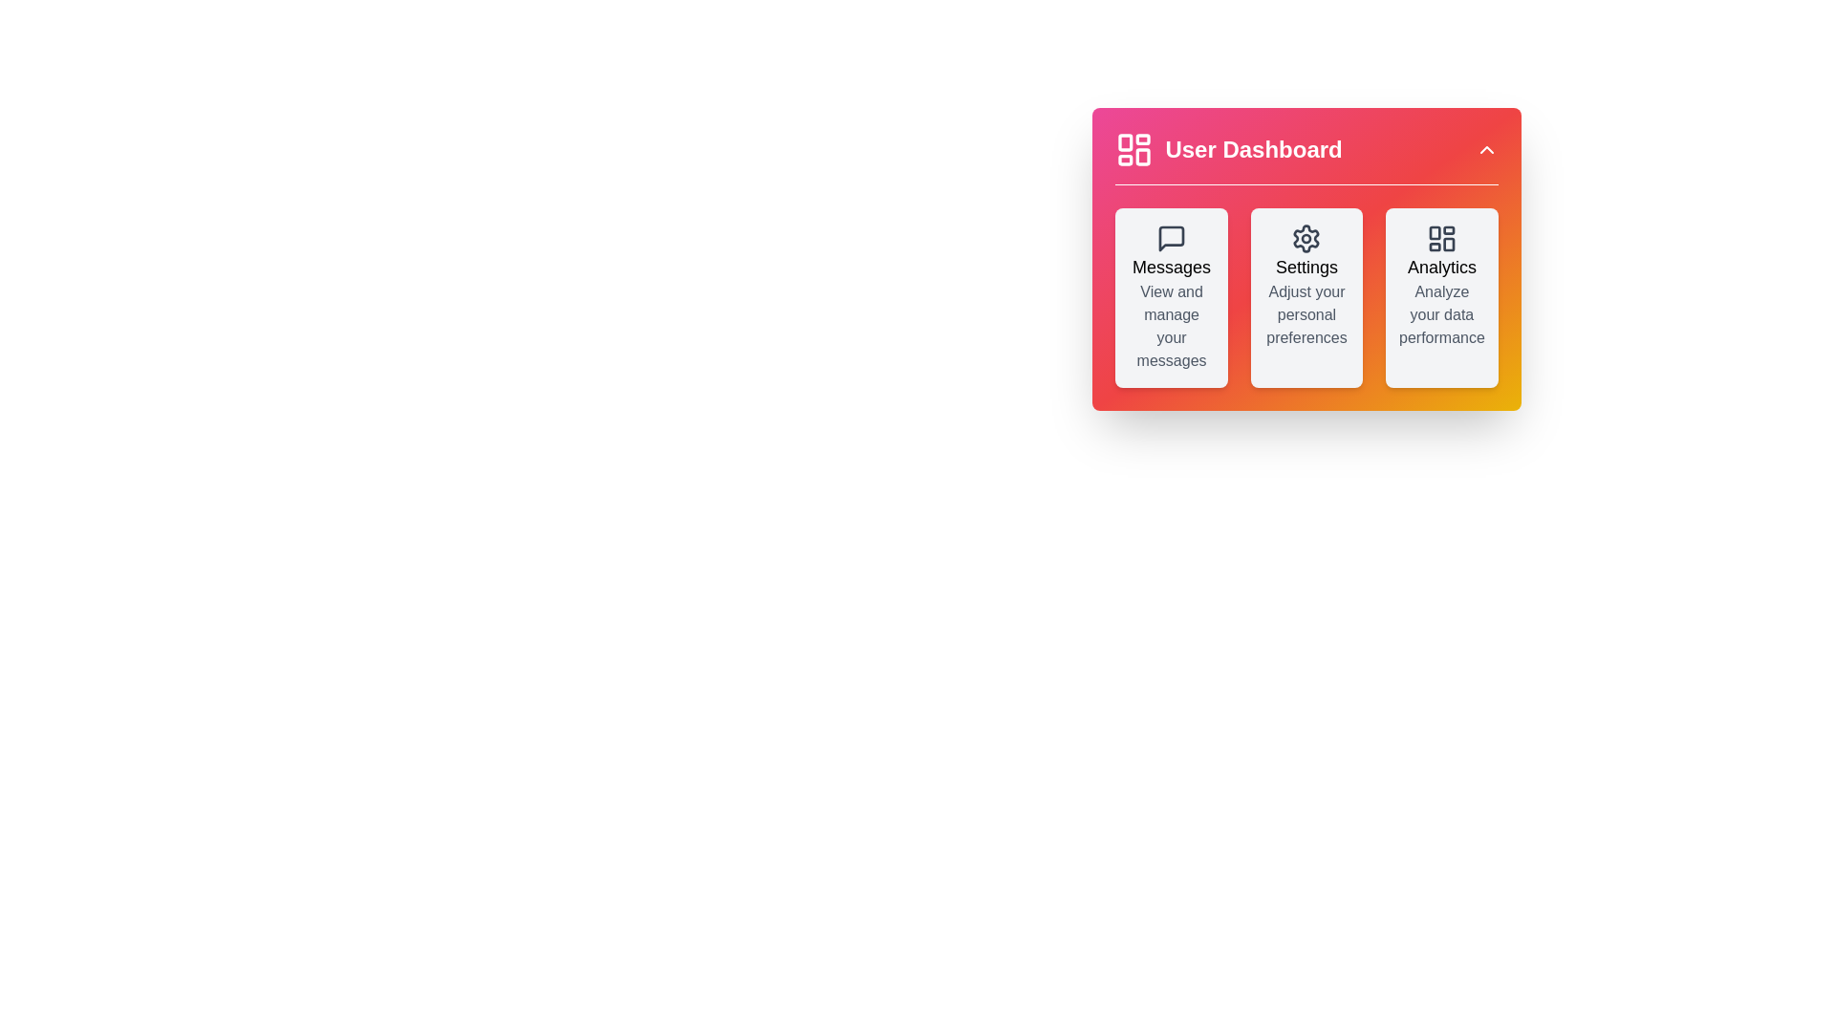 The image size is (1835, 1032). What do you see at coordinates (1171, 326) in the screenshot?
I see `the static text component styled in gray with the content 'View and manage your messages', which is positioned below the 'Messages' heading in the dashboard's Messages section` at bounding box center [1171, 326].